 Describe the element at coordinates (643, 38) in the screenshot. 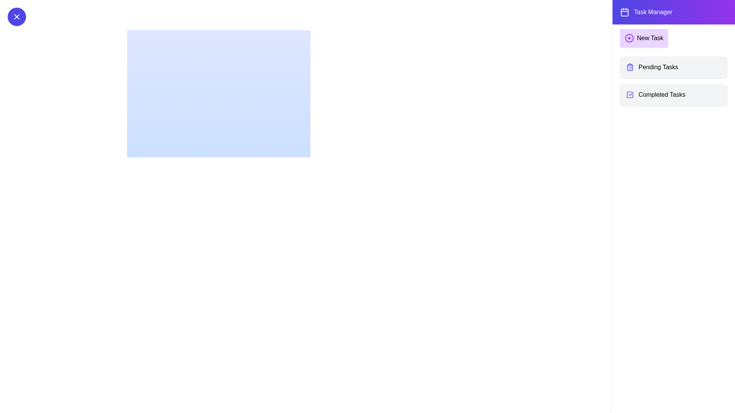

I see `'New Task' button` at that location.